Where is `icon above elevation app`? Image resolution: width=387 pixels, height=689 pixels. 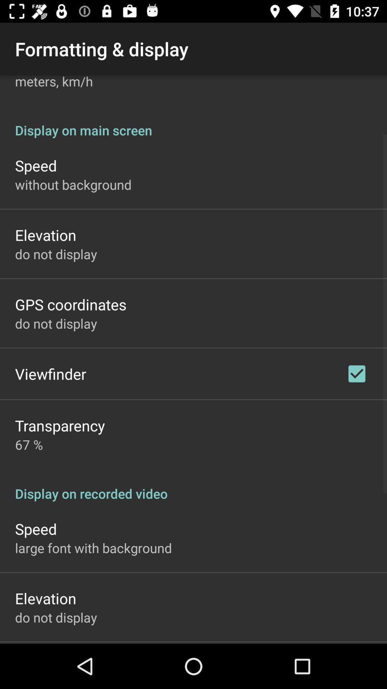 icon above elevation app is located at coordinates (93, 547).